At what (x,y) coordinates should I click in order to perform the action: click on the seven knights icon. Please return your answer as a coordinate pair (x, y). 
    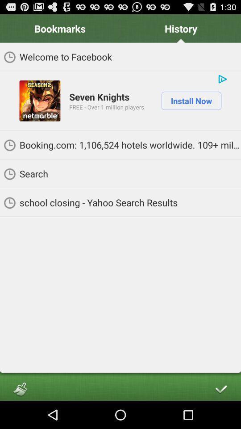
    Looking at the image, I should click on (99, 97).